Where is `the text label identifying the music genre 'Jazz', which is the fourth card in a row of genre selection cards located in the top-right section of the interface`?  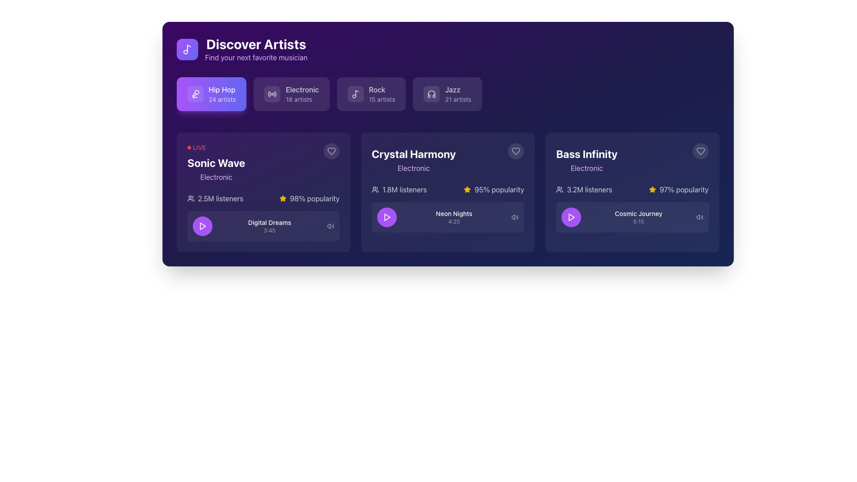
the text label identifying the music genre 'Jazz', which is the fourth card in a row of genre selection cards located in the top-right section of the interface is located at coordinates (458, 89).